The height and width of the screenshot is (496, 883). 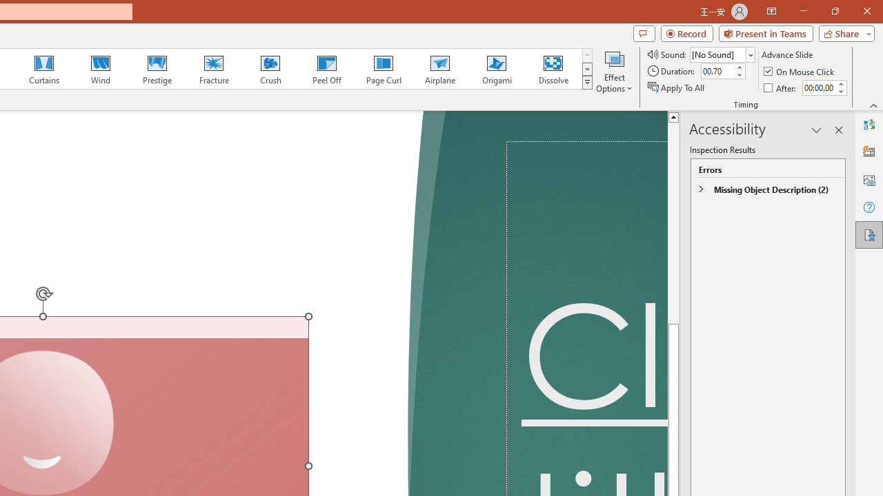 What do you see at coordinates (781, 87) in the screenshot?
I see `'After'` at bounding box center [781, 87].